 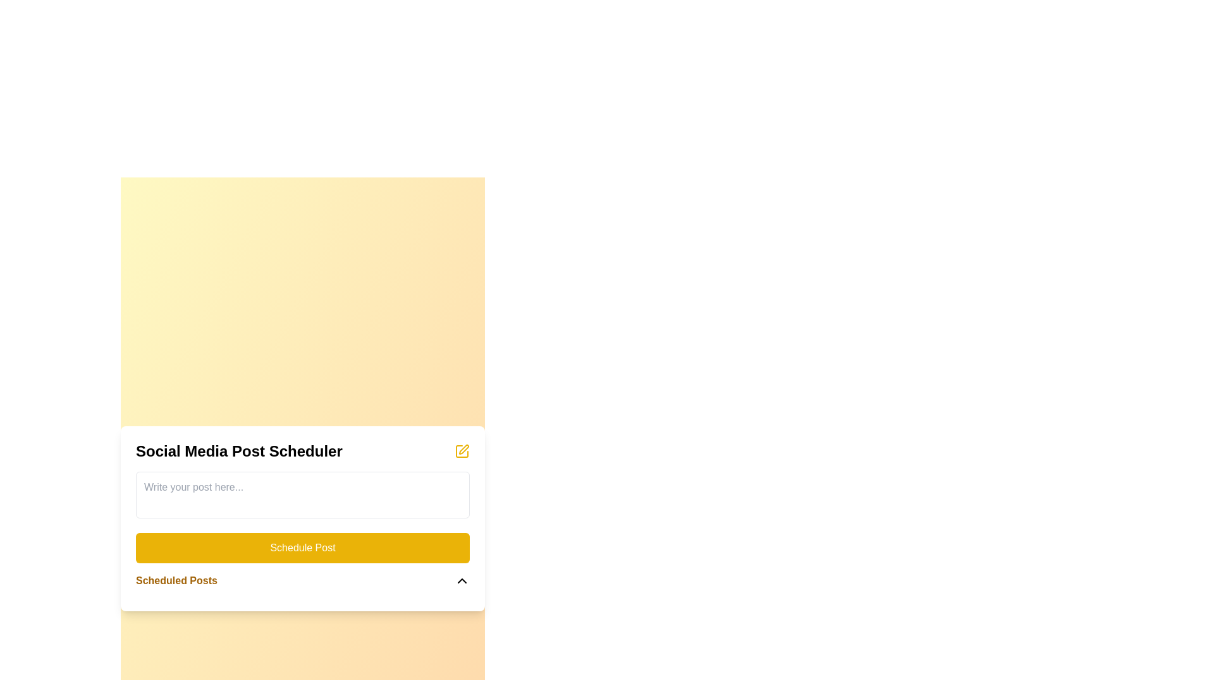 I want to click on the edit icon within the yellow square graphic located at the top-right corner of the scheduling posts UI as a visual cue, so click(x=463, y=448).